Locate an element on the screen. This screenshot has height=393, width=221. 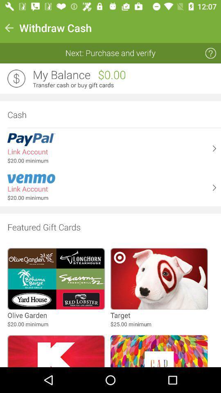
item next to the my balance icon is located at coordinates (16, 79).